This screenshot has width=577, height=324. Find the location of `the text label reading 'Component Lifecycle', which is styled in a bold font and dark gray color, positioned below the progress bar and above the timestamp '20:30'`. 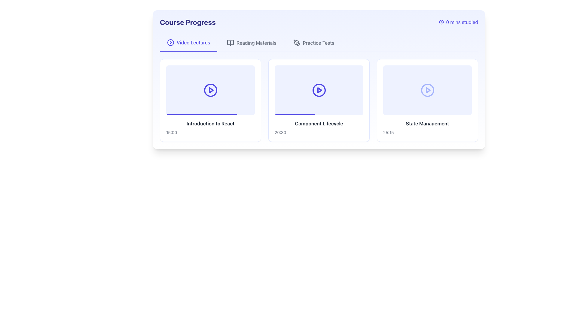

the text label reading 'Component Lifecycle', which is styled in a bold font and dark gray color, positioned below the progress bar and above the timestamp '20:30' is located at coordinates (319, 123).